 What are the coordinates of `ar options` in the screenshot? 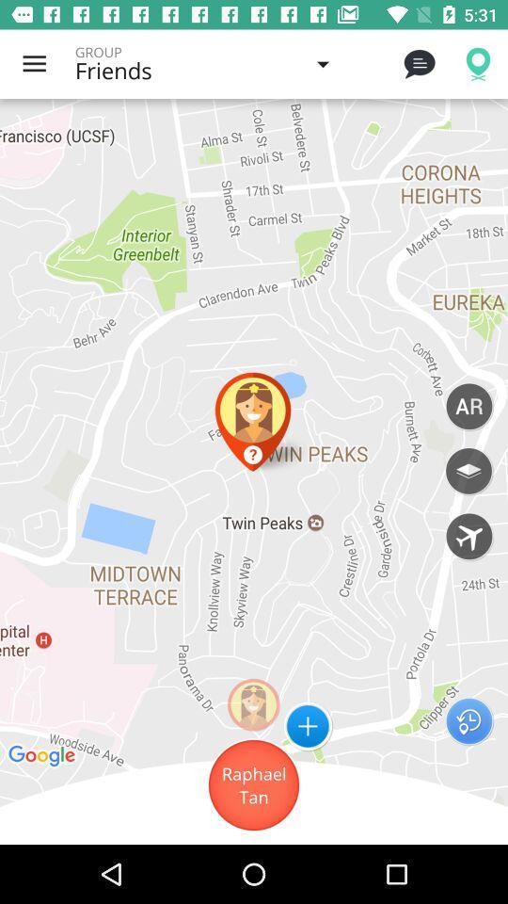 It's located at (468, 406).